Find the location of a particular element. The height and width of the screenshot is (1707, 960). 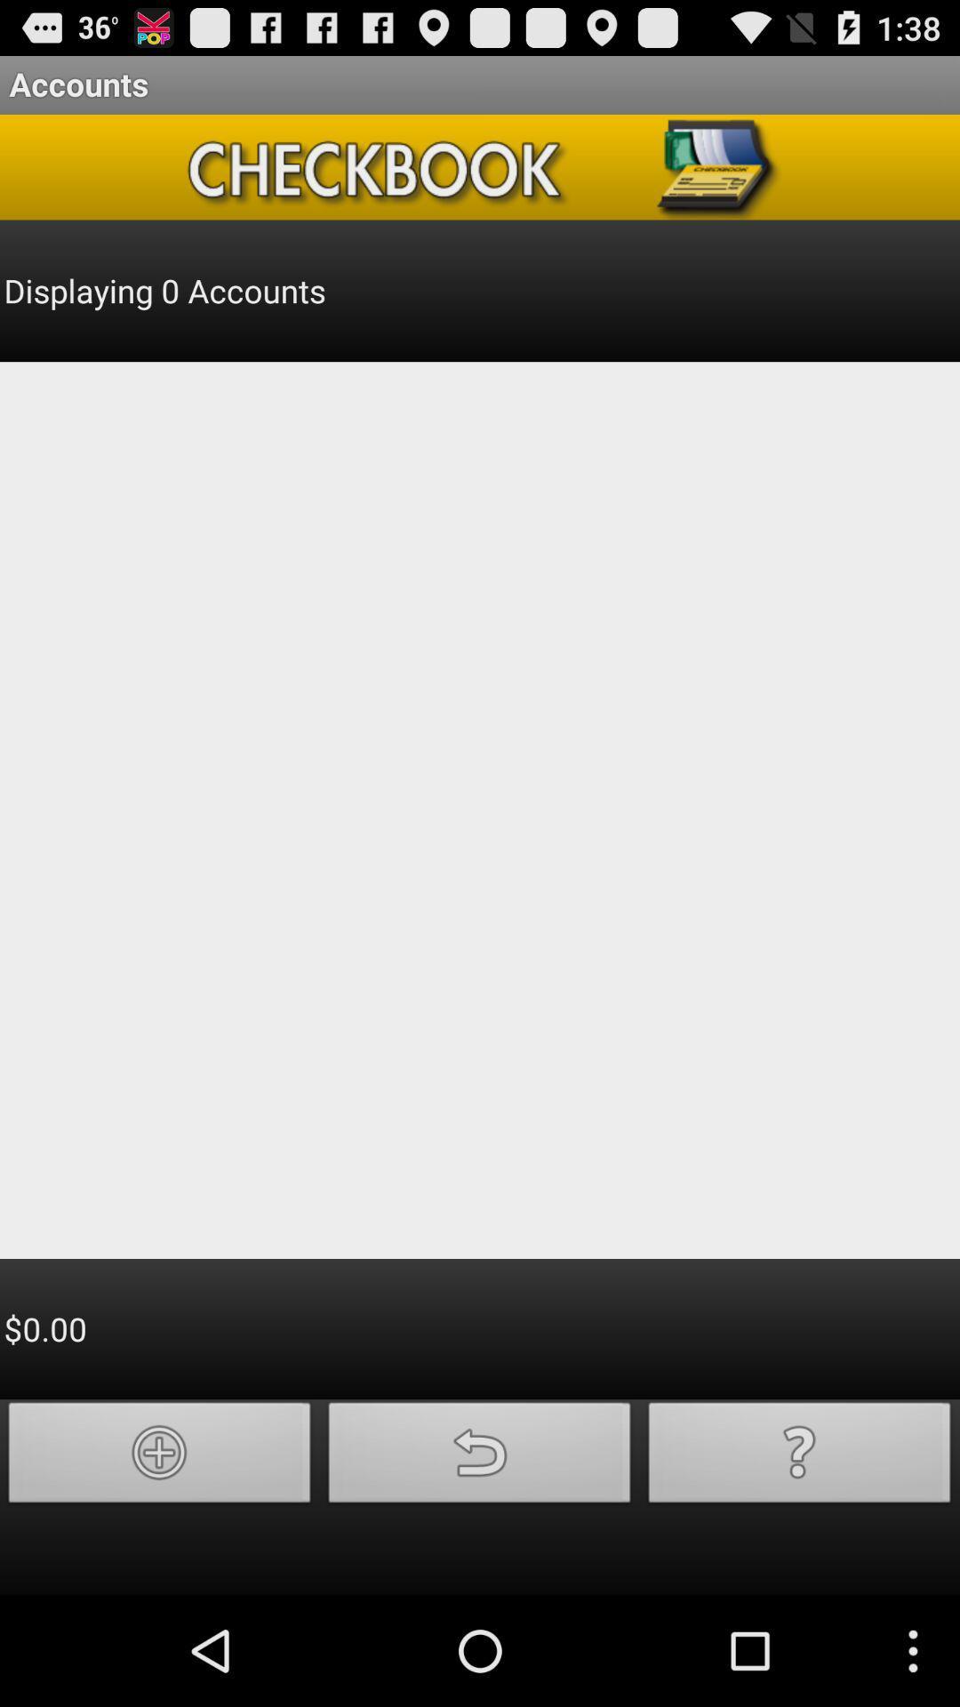

go back is located at coordinates (480, 1457).